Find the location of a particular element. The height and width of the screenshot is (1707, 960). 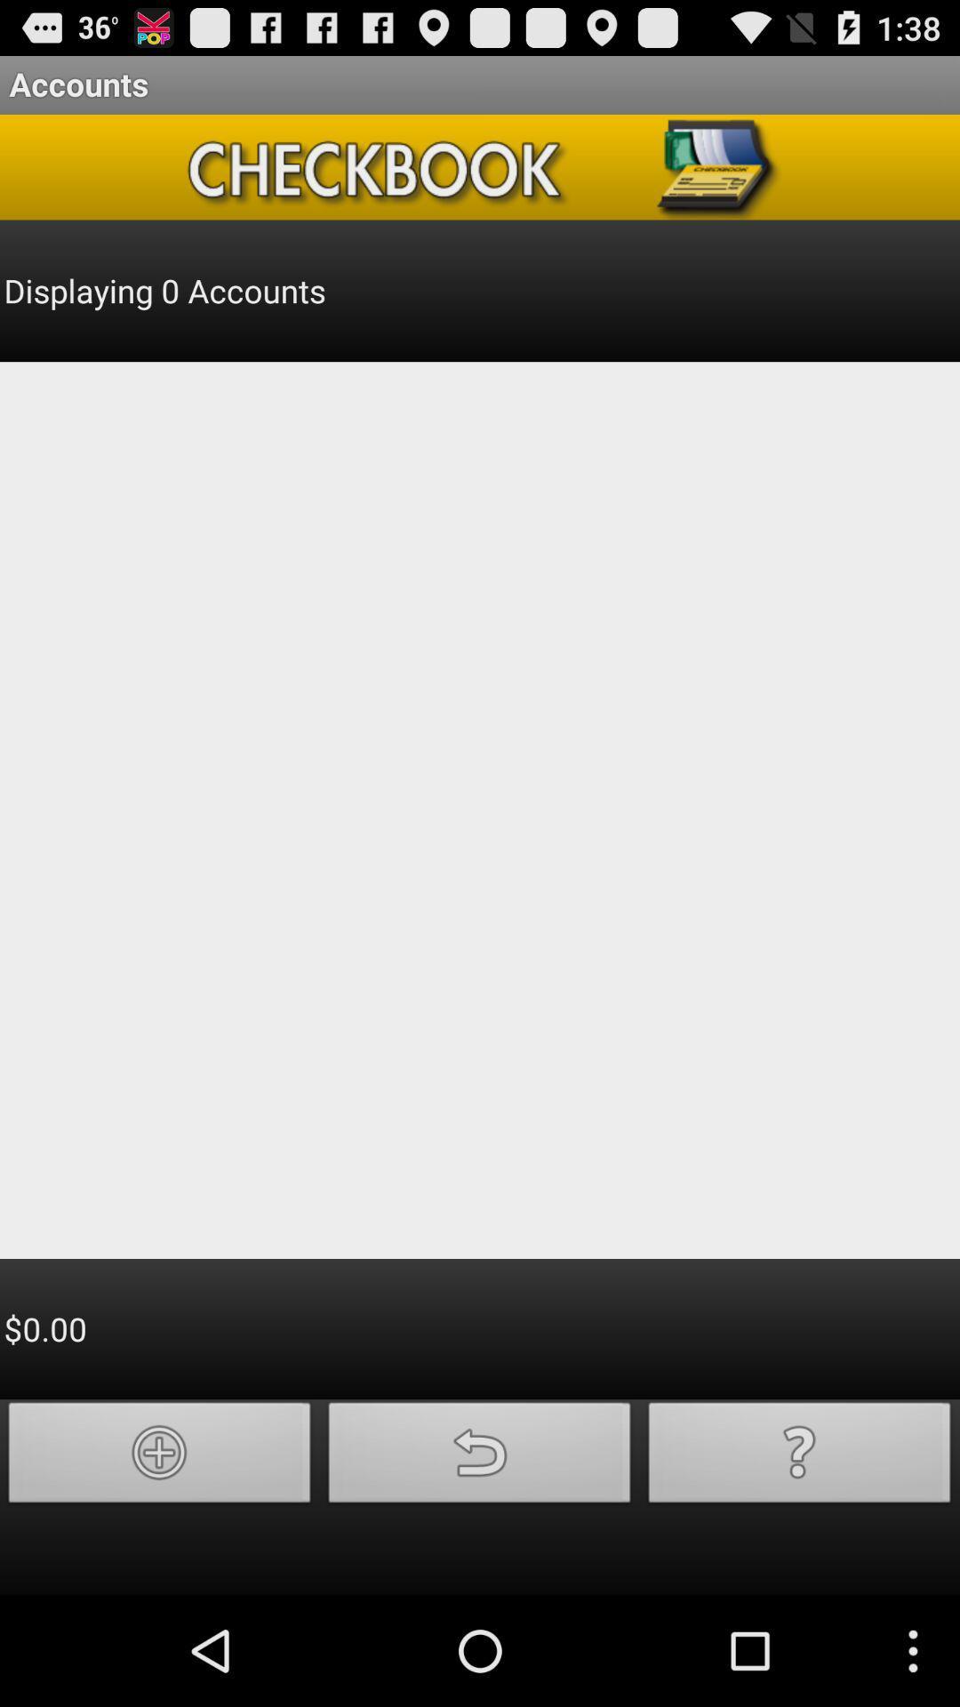

go back is located at coordinates (480, 1457).